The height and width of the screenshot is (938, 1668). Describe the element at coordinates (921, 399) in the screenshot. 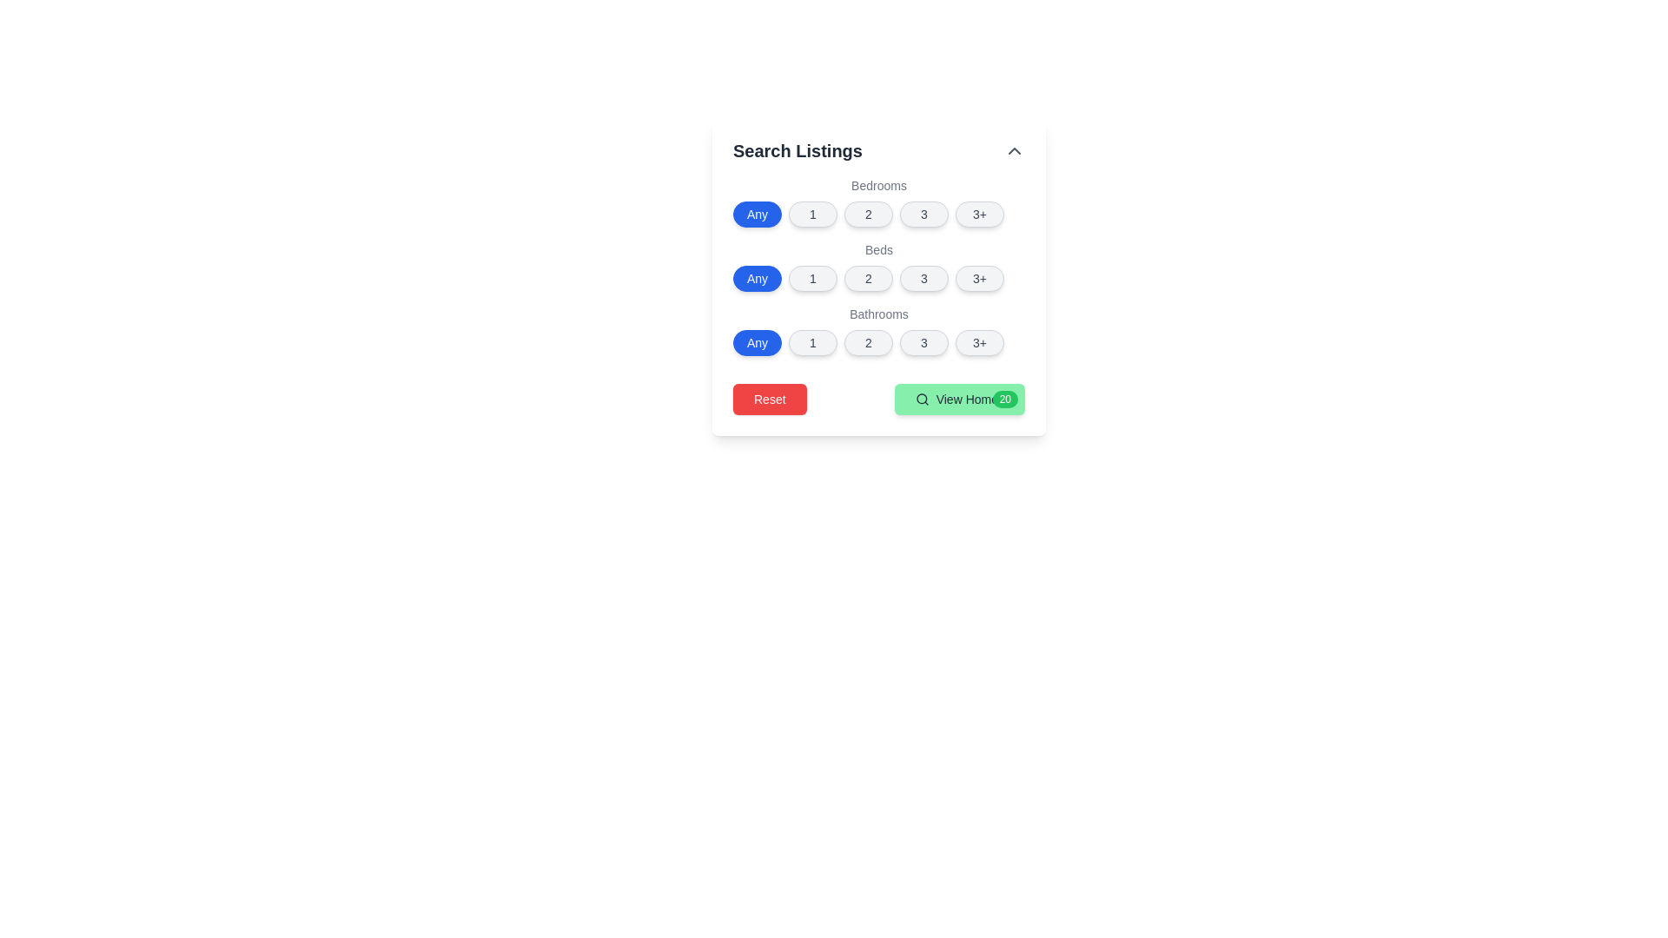

I see `the search icon represented as a magnifying glass, which is part of the green rectangular button labeled 'View Homes', located at the bottom right corner of the visible form` at that location.